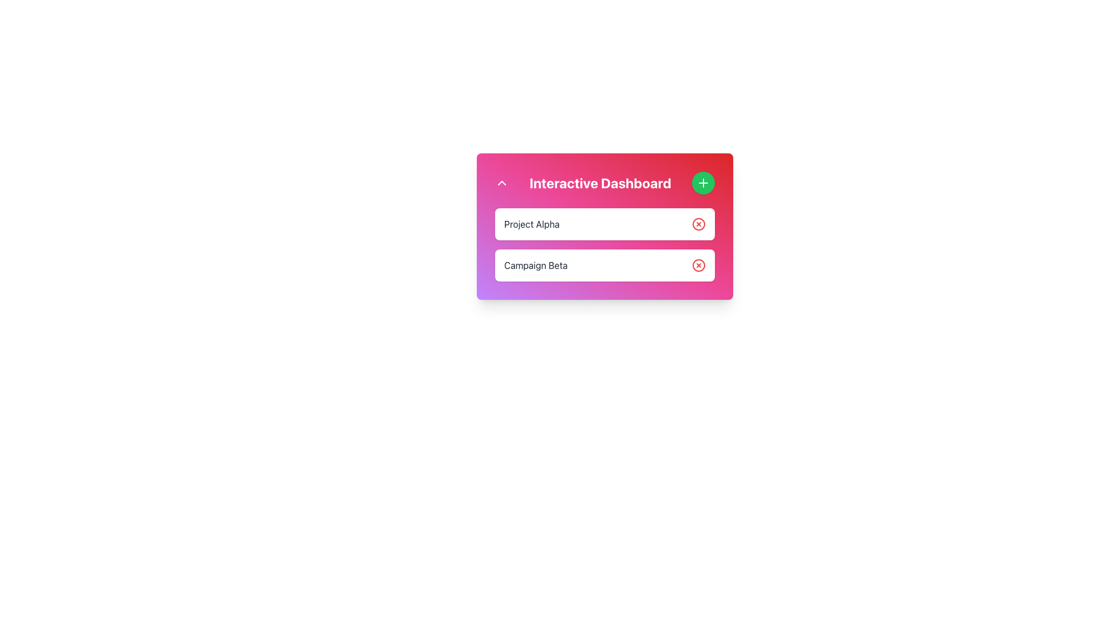  Describe the element at coordinates (698, 224) in the screenshot. I see `the circular red 'X' delete button located to the right of the 'Project Alpha' label` at that location.